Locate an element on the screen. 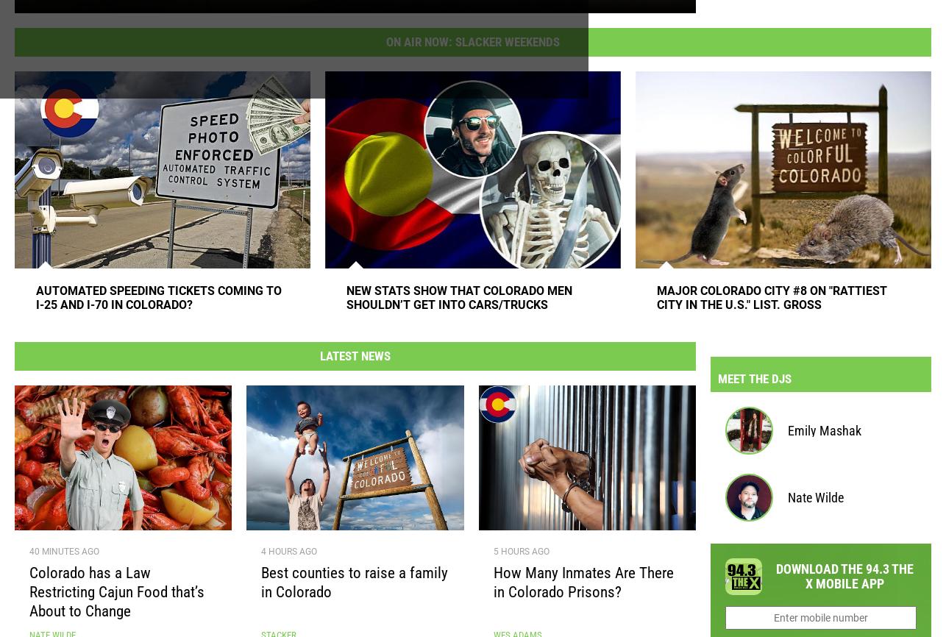 This screenshot has height=637, width=946. 'How Many Inmates Are There in Colorado Prisons?' is located at coordinates (583, 588).